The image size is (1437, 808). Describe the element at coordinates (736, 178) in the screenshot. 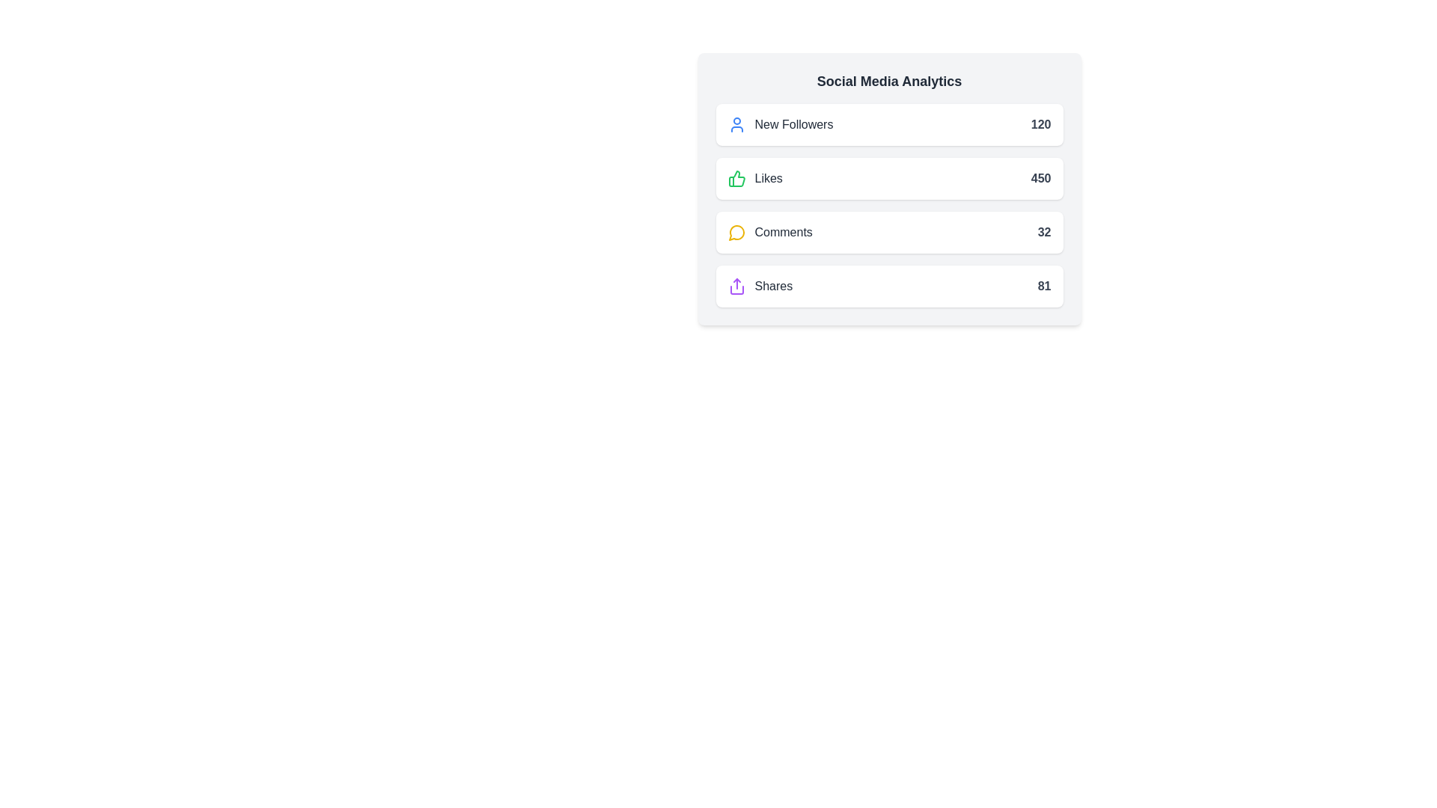

I see `the 'Likes' icon located to the left of the 'Likes' text in the second row of the list for social media analytics` at that location.